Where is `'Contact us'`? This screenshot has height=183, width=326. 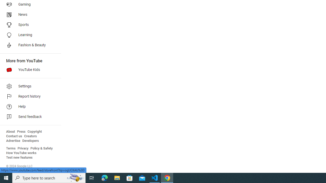
'Contact us' is located at coordinates (14, 136).